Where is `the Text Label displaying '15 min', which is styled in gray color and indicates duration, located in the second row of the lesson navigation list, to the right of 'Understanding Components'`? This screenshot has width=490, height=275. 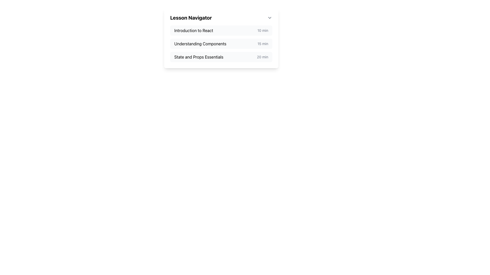 the Text Label displaying '15 min', which is styled in gray color and indicates duration, located in the second row of the lesson navigation list, to the right of 'Understanding Components' is located at coordinates (263, 44).